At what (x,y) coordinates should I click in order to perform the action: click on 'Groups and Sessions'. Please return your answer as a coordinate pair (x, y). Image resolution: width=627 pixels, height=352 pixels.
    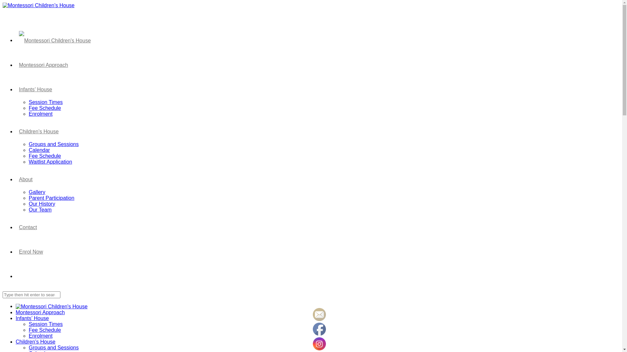
    Looking at the image, I should click on (54, 347).